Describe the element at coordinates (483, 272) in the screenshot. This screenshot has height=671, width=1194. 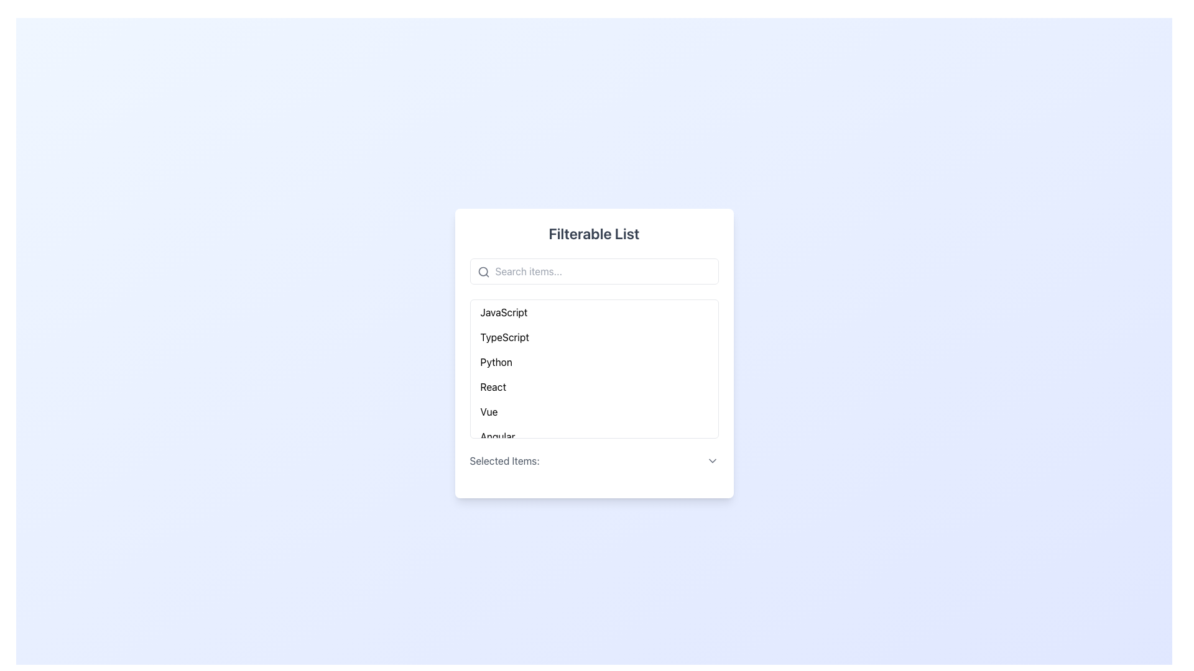
I see `the circular search icon with a magnifying glass symbol, located at the top-left corner of the text input field next to the placeholder text 'Search items...'` at that location.